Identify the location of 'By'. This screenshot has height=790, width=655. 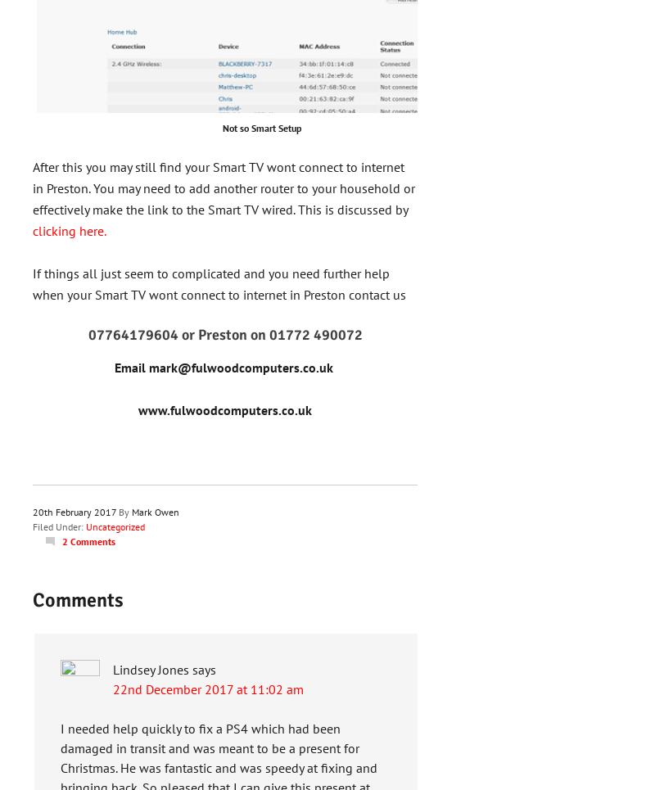
(124, 511).